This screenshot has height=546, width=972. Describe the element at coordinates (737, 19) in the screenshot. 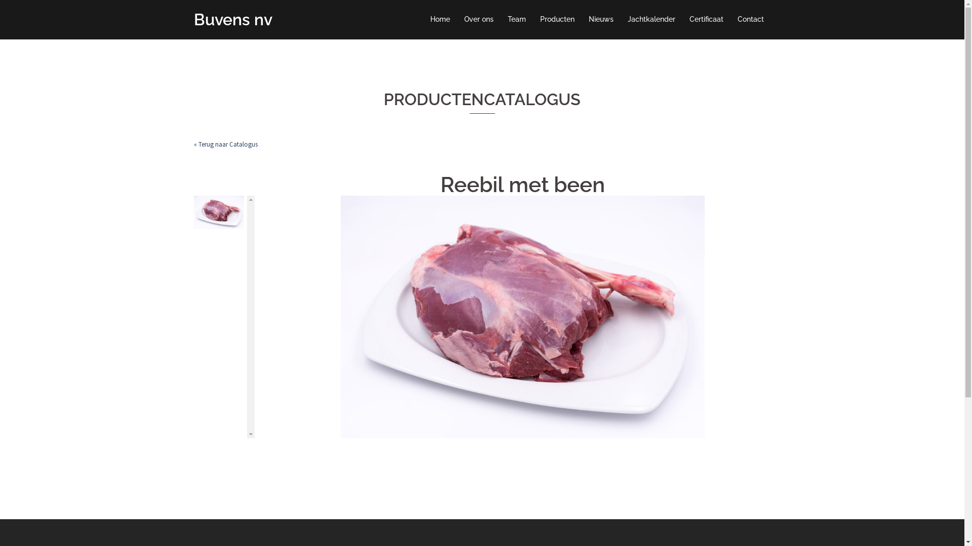

I see `'Contact'` at that location.